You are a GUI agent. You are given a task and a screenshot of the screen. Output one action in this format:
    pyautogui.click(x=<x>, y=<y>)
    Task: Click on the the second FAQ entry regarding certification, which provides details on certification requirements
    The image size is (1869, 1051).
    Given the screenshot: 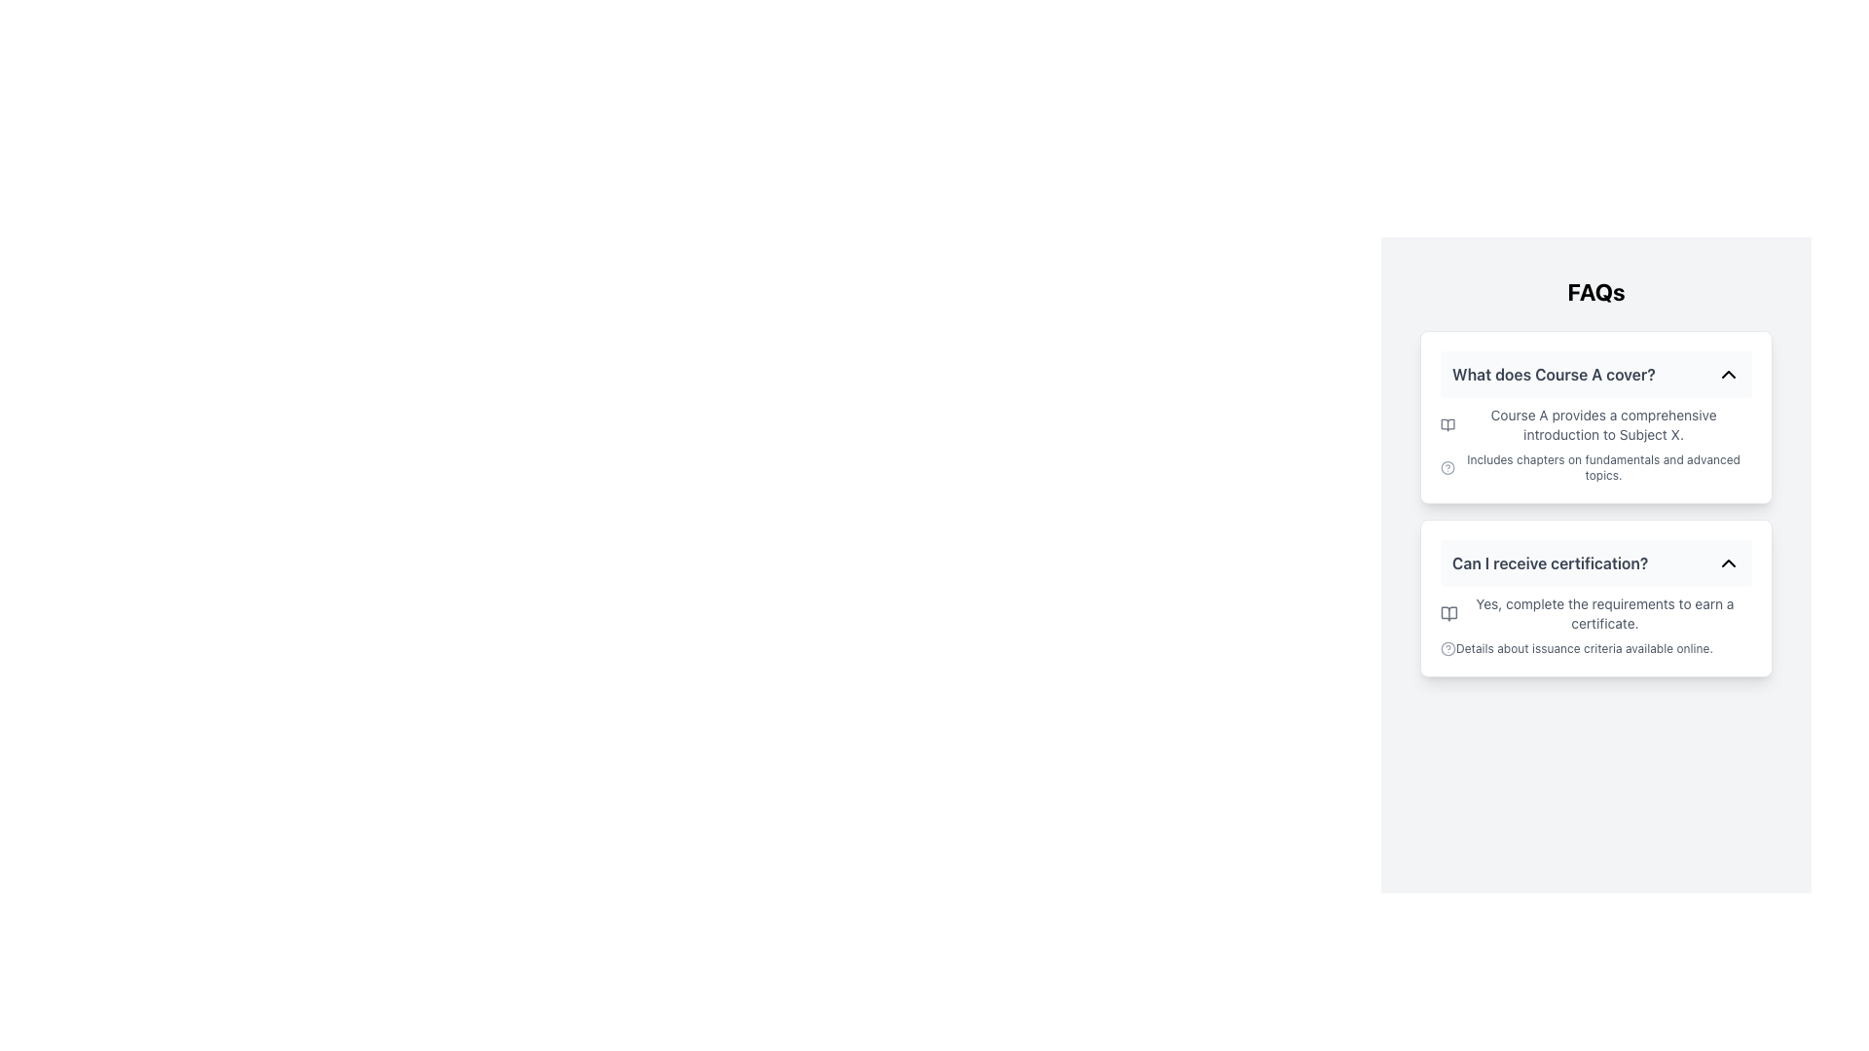 What is the action you would take?
    pyautogui.click(x=1596, y=597)
    